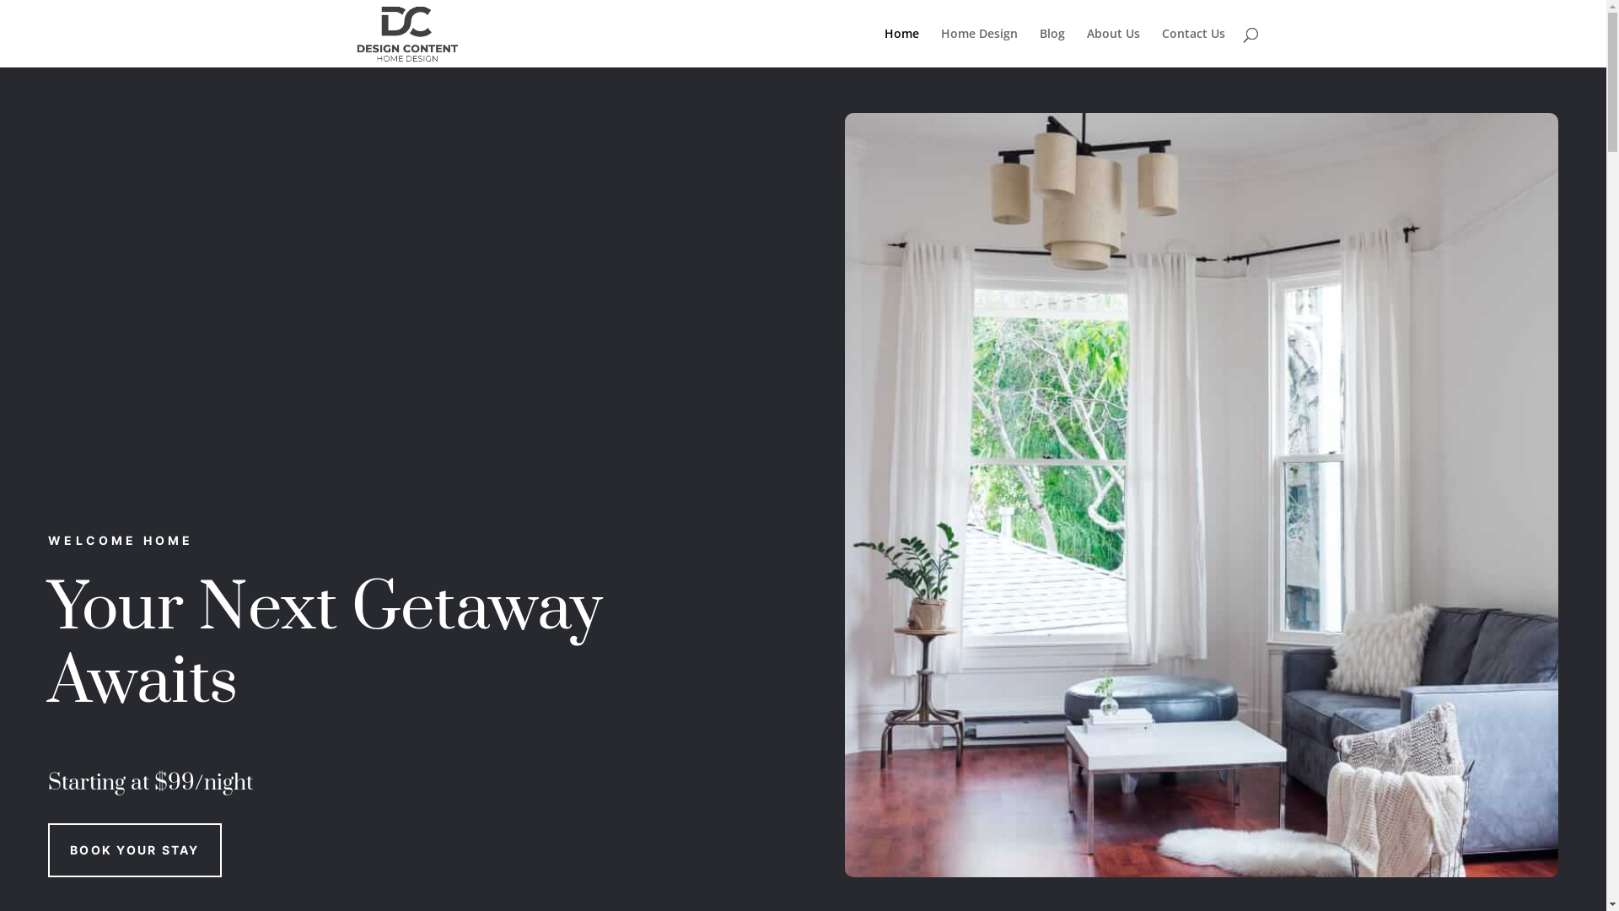 The image size is (1619, 911). What do you see at coordinates (900, 46) in the screenshot?
I see `'Home'` at bounding box center [900, 46].